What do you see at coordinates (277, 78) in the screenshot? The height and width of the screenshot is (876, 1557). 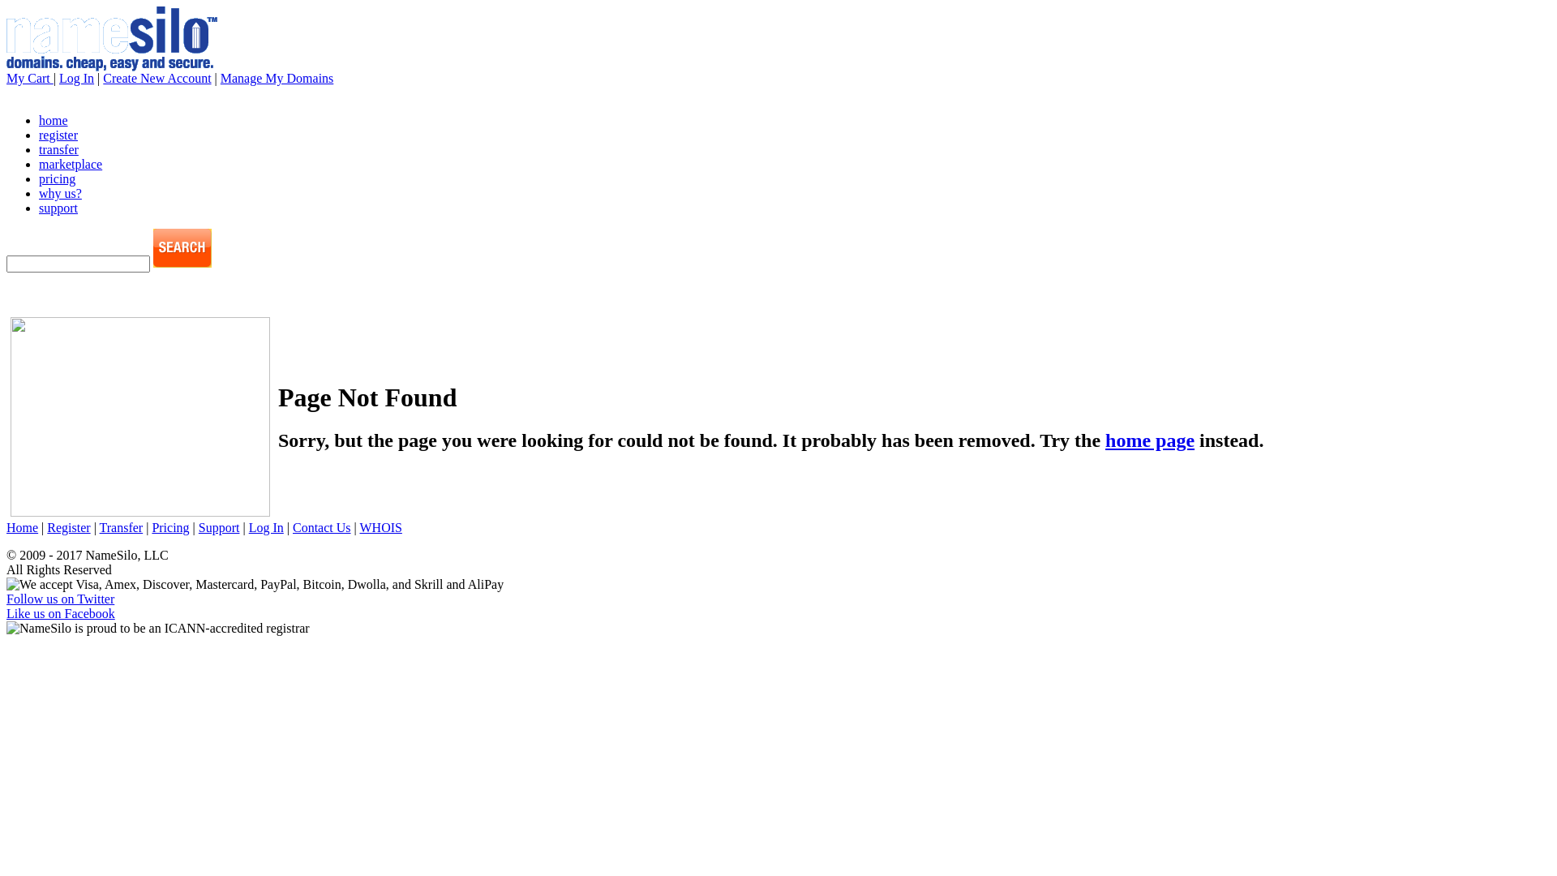 I see `'Manage My Domains'` at bounding box center [277, 78].